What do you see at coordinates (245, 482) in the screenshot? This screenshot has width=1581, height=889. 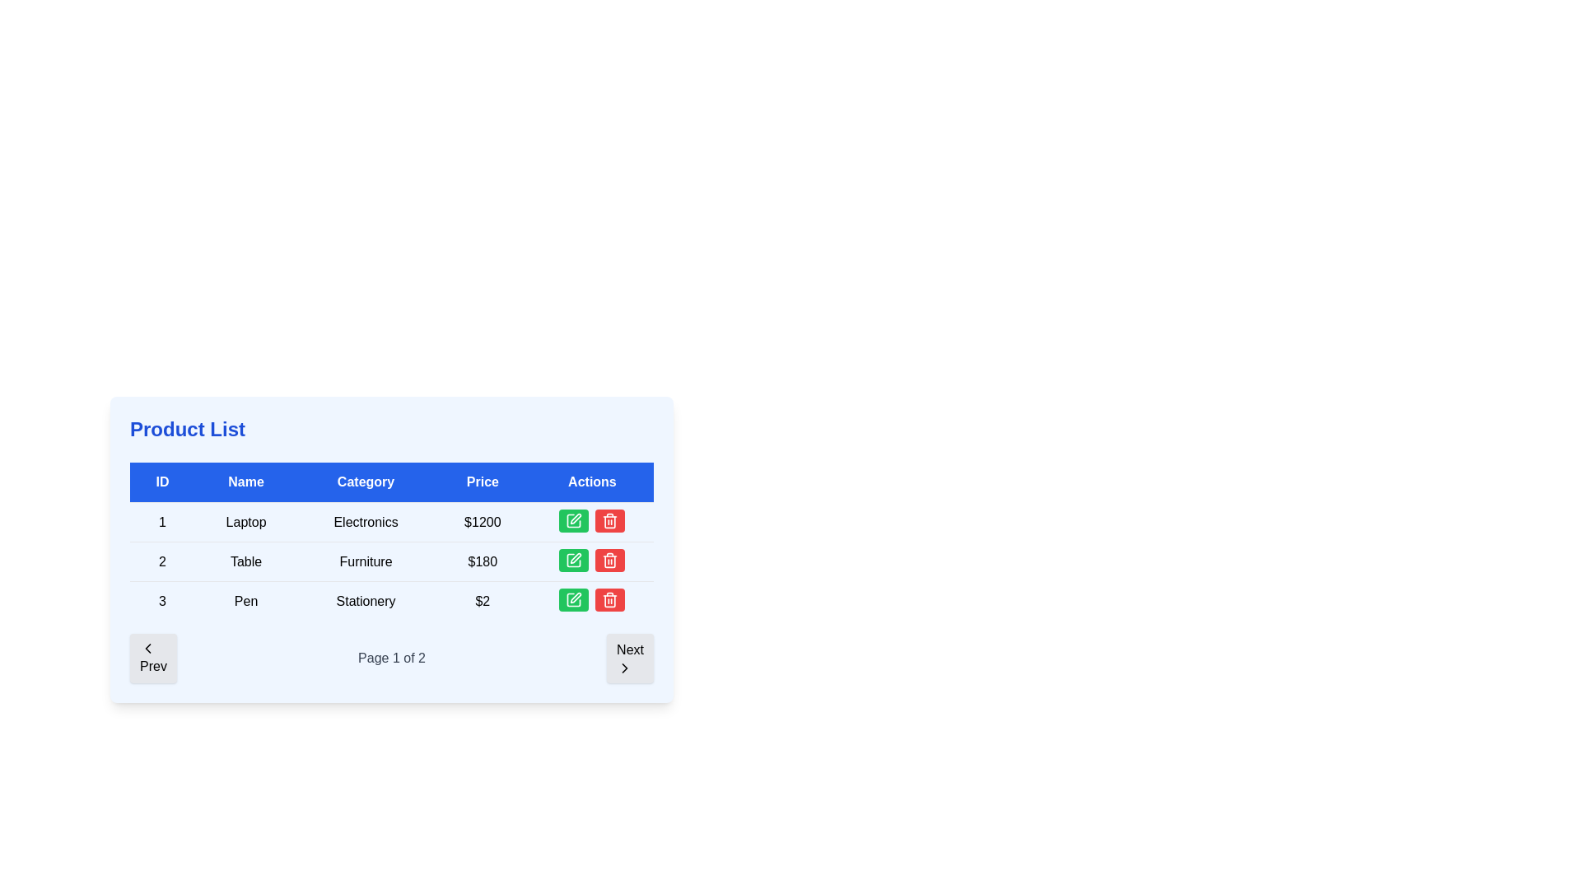 I see `the 'Name' static text label, which is a rectangular element with a blue background and bold, white text, located in the header section of a tabular layout between the 'ID' and 'Category' headers` at bounding box center [245, 482].